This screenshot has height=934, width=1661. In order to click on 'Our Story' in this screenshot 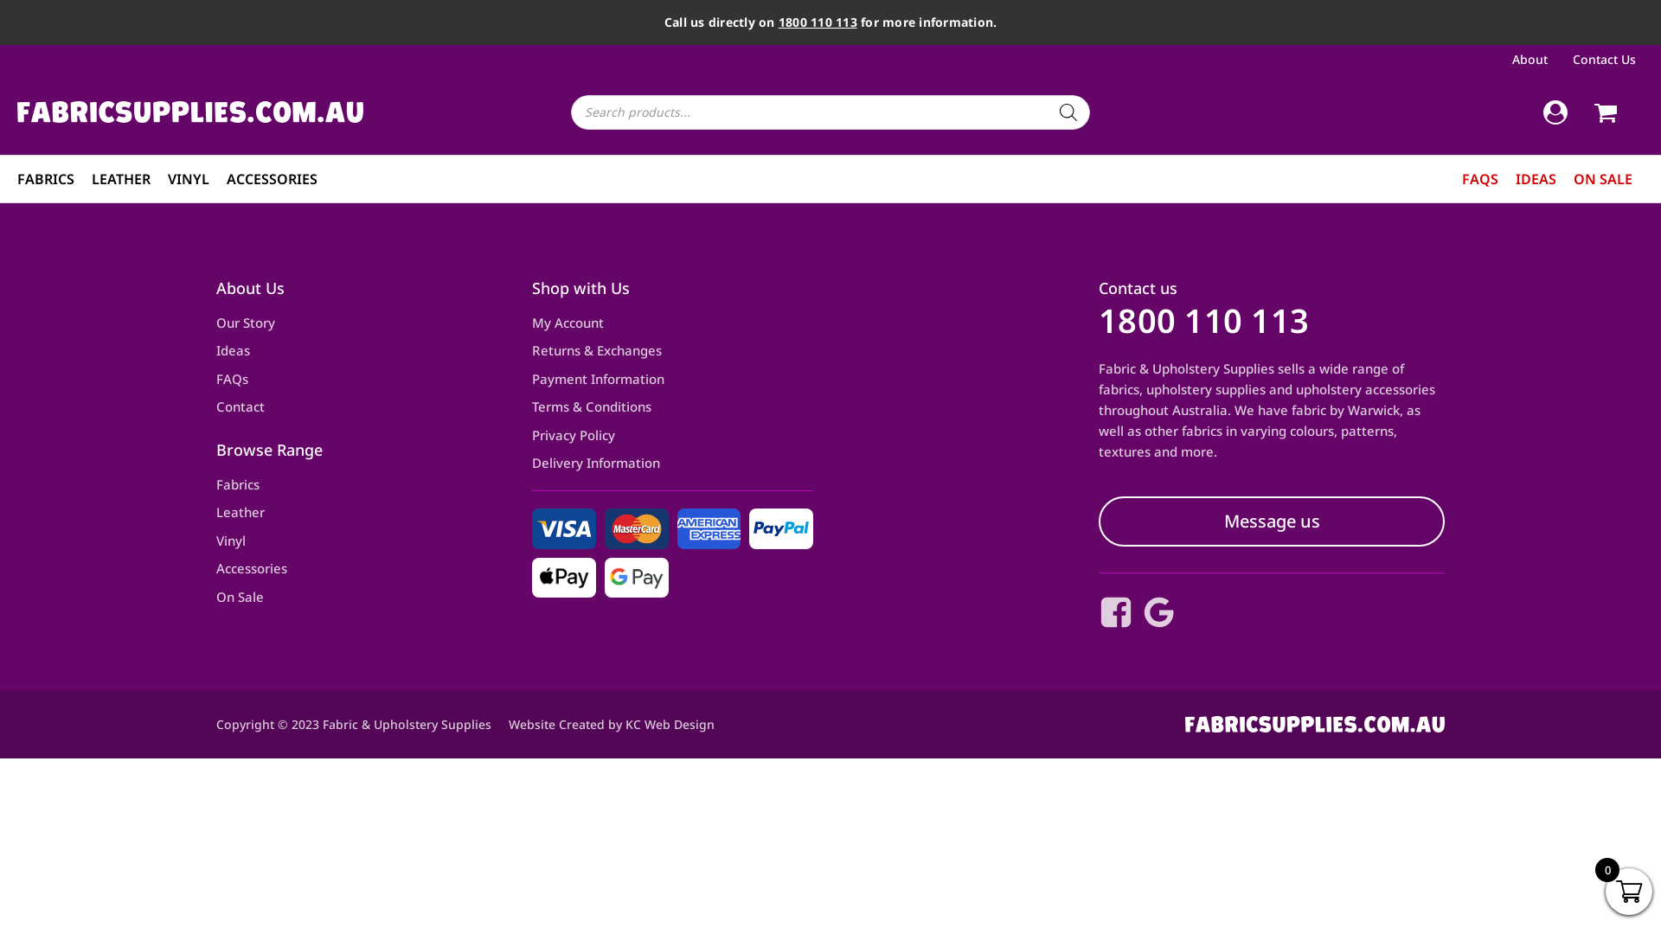, I will do `click(215, 323)`.